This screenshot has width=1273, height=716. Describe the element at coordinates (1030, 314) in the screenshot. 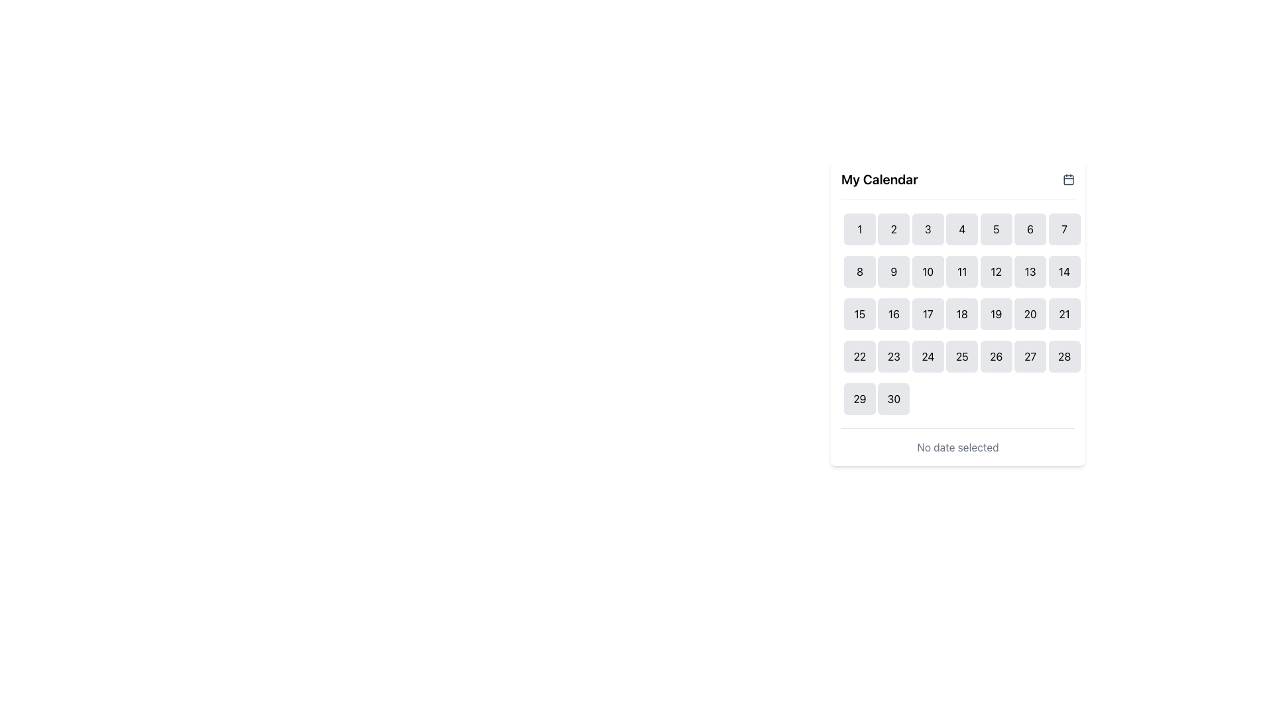

I see `the calendar date selector button displaying the number '20'` at that location.